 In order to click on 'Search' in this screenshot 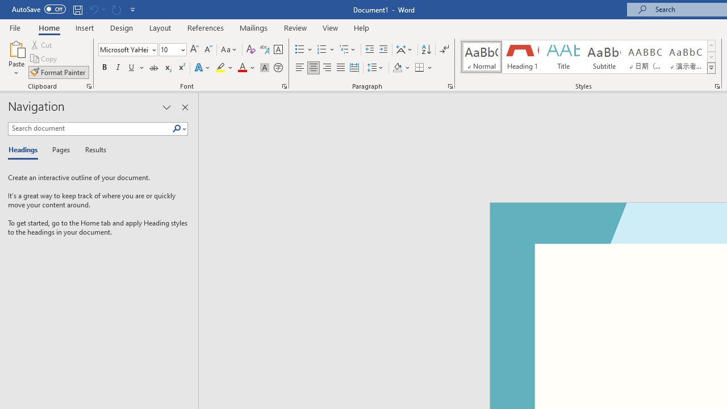, I will do `click(176, 128)`.